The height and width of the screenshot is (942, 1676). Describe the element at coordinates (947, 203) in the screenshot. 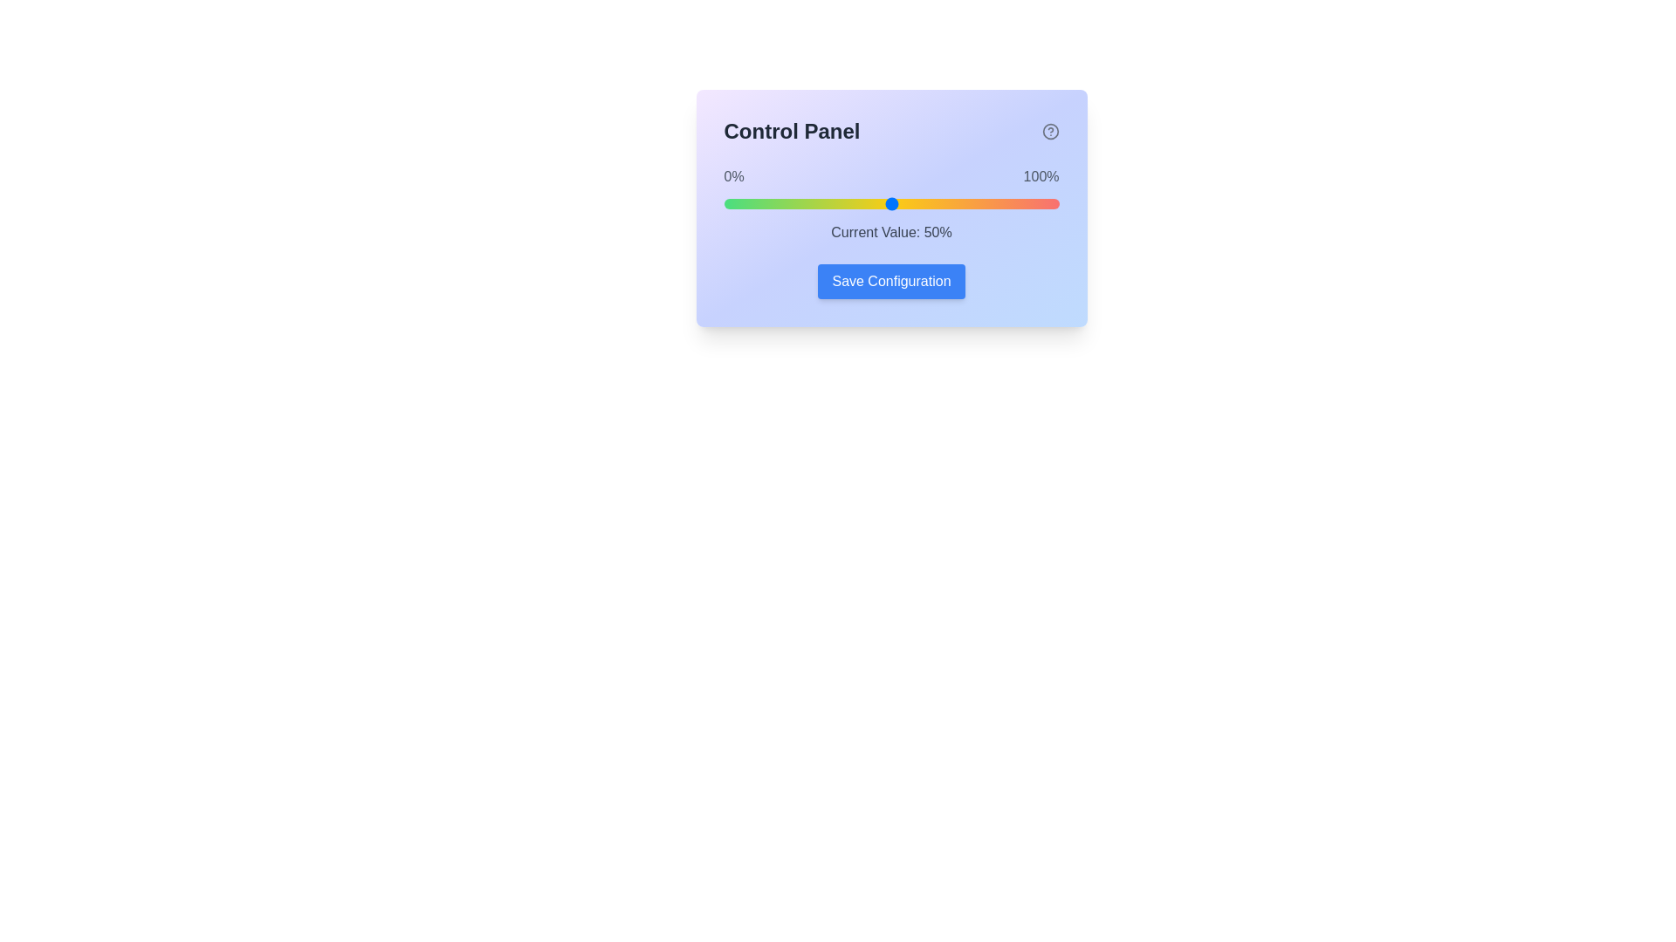

I see `the slider to set the value to 67%` at that location.